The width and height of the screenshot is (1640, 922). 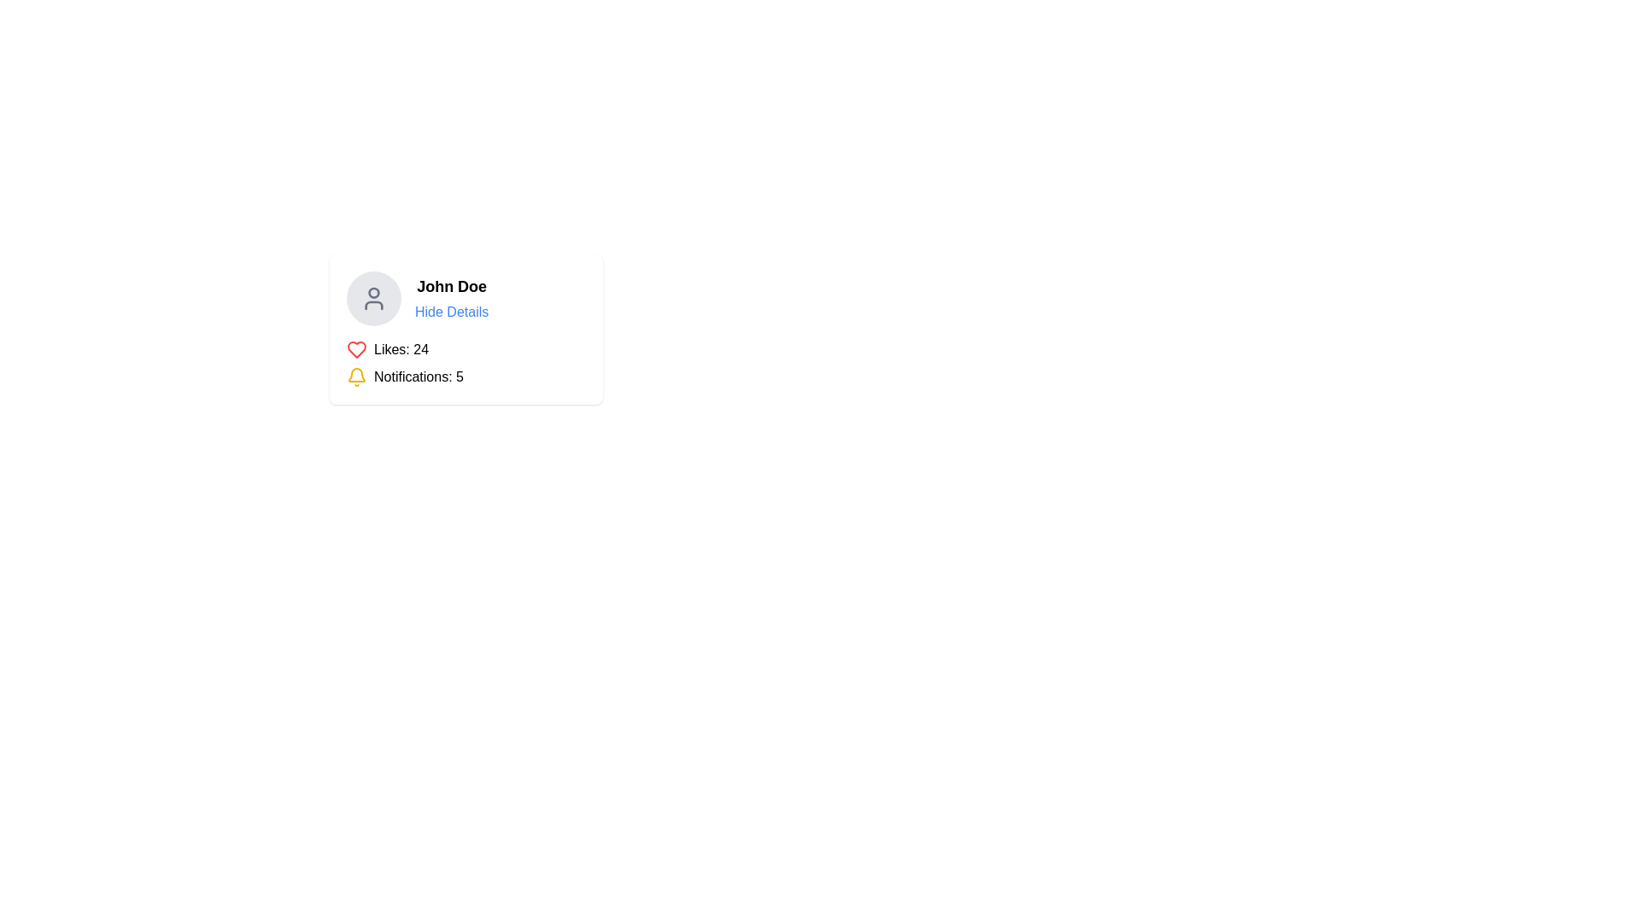 What do you see at coordinates (372, 292) in the screenshot?
I see `the smaller circular decorative shape within the SVG user profile icon located at the top left of the user card, adjacent to the name 'John Doe'` at bounding box center [372, 292].